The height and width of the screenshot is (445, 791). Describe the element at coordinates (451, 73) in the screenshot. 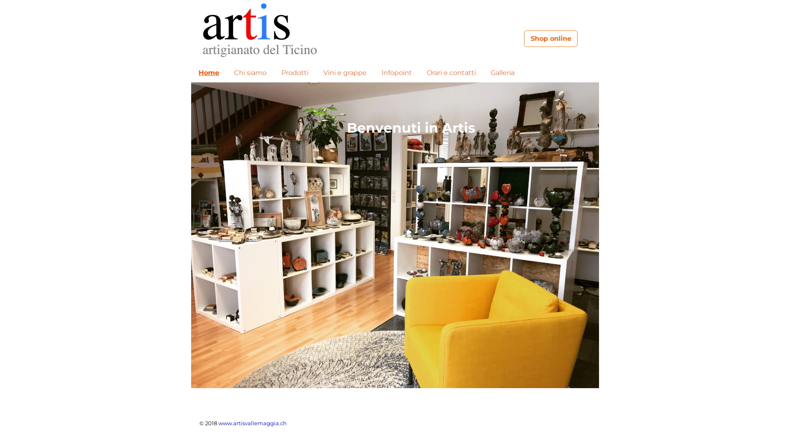

I see `'Orari e contatti'` at that location.